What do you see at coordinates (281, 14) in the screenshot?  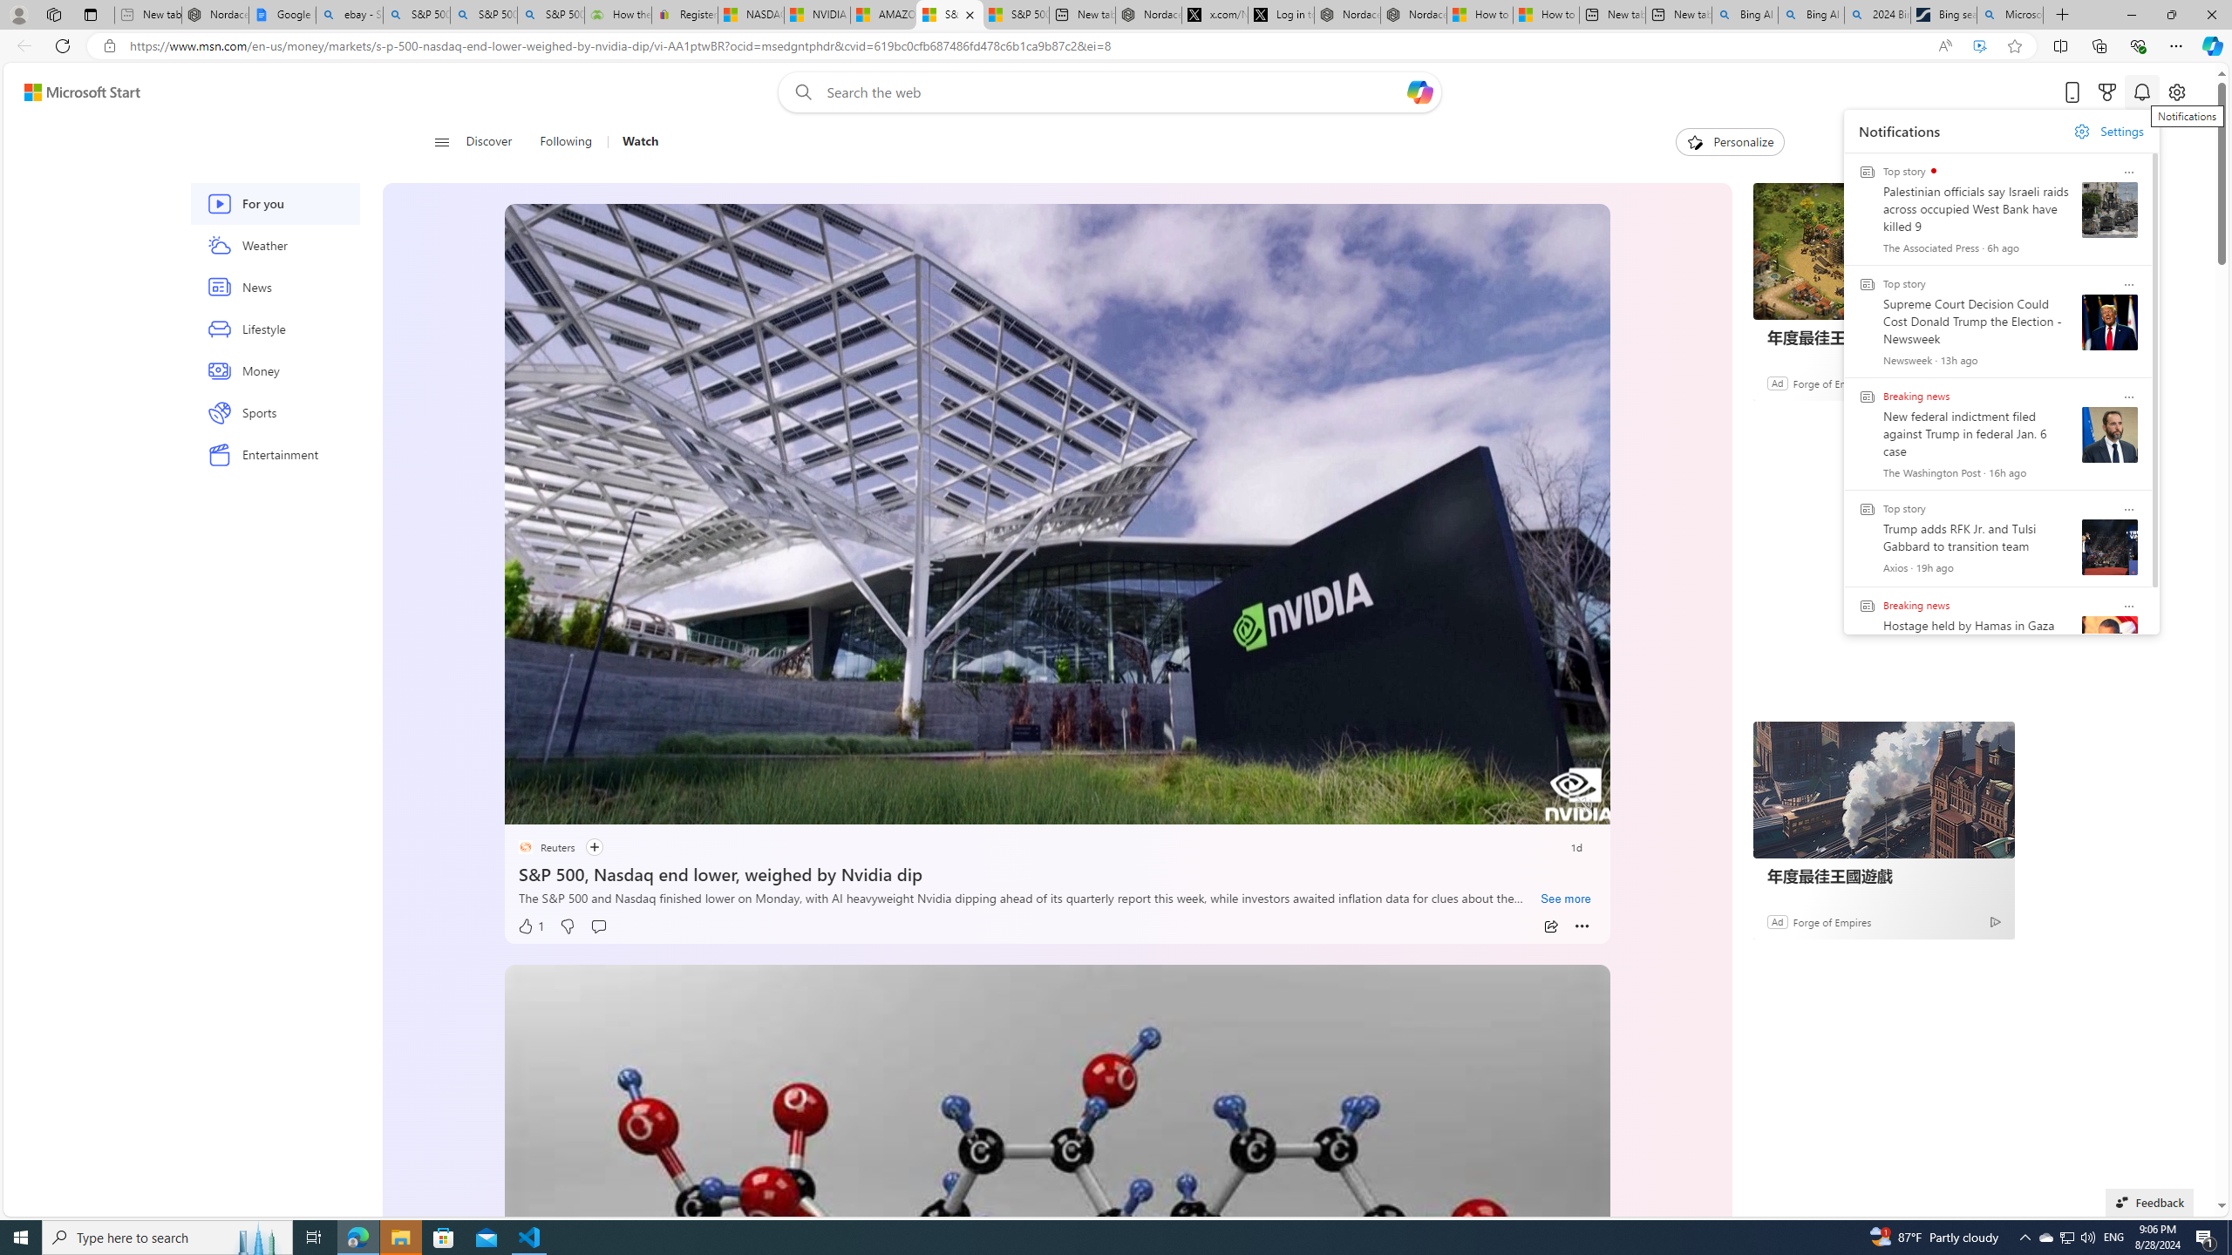 I see `'Google Docs: Online Document Editor | Google Workspace'` at bounding box center [281, 14].